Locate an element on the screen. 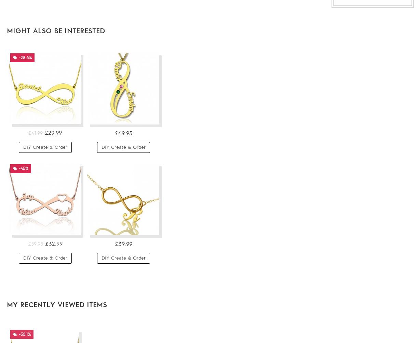  '£57.99' is located at coordinates (358, 161).